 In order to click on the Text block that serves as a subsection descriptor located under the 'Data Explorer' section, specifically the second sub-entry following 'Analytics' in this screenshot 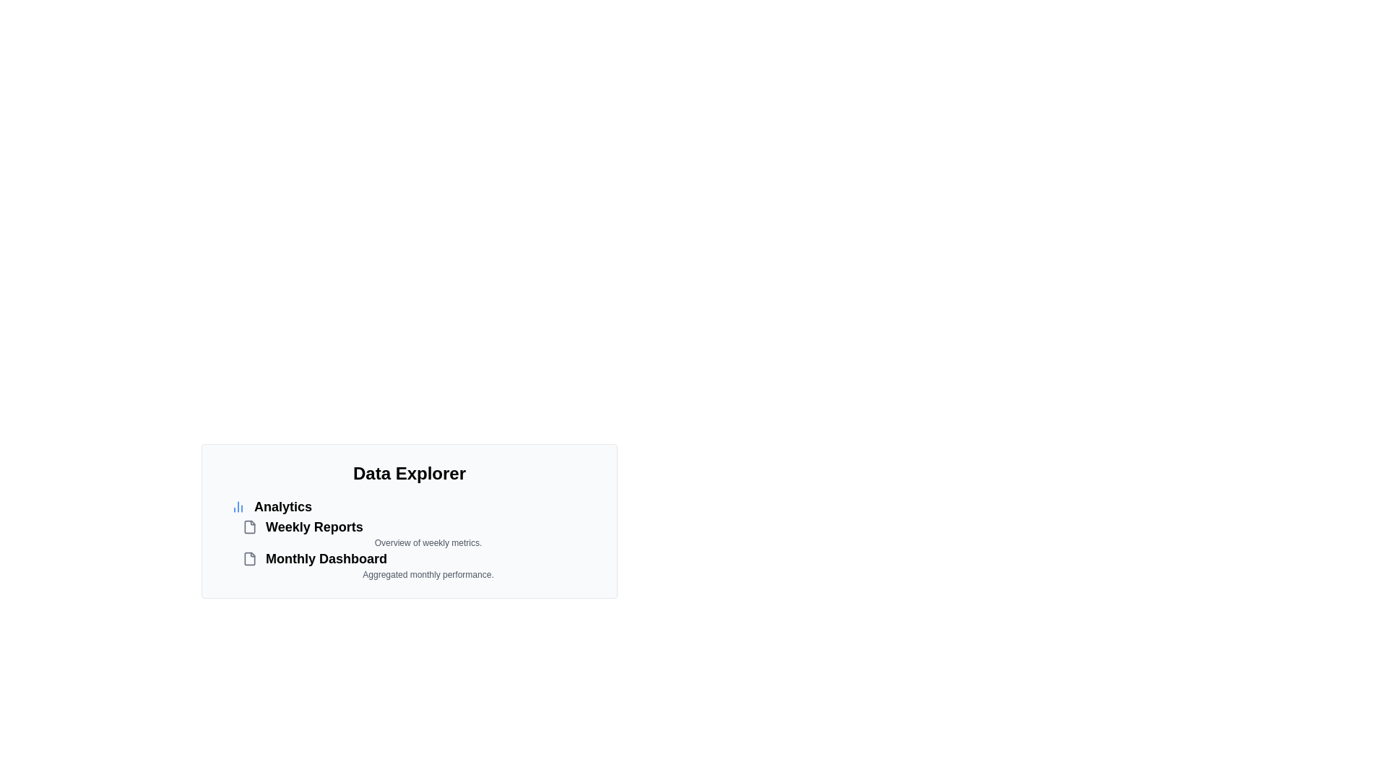, I will do `click(415, 538)`.